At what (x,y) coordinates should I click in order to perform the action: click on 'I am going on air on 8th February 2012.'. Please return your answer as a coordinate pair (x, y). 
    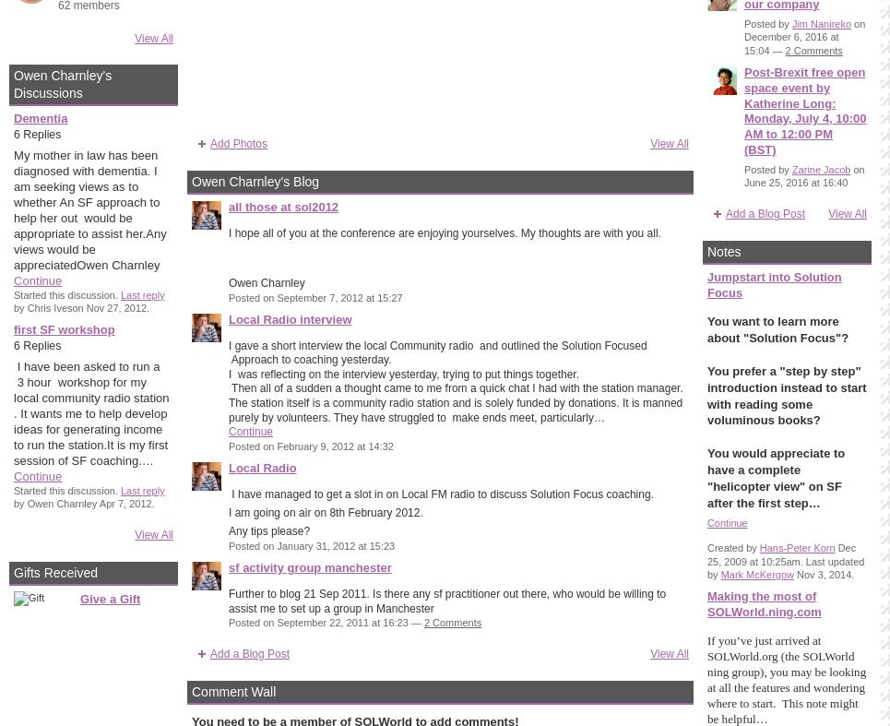
    Looking at the image, I should click on (228, 512).